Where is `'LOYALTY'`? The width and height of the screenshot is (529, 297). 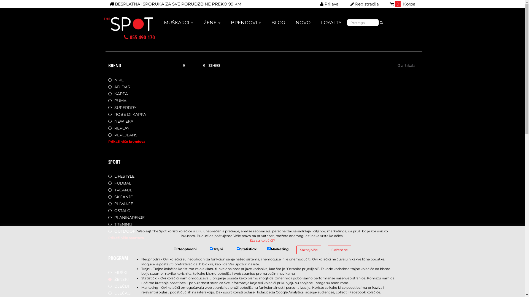
'LOYALTY' is located at coordinates (320, 24).